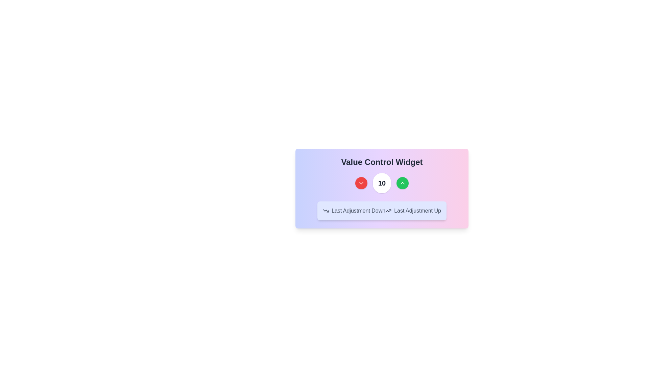 This screenshot has height=365, width=649. Describe the element at coordinates (326, 211) in the screenshot. I see `the downward trending arrow icon located to the left of the text 'Last Adjustment Down' at the bottom left side of the card in the UI` at that location.